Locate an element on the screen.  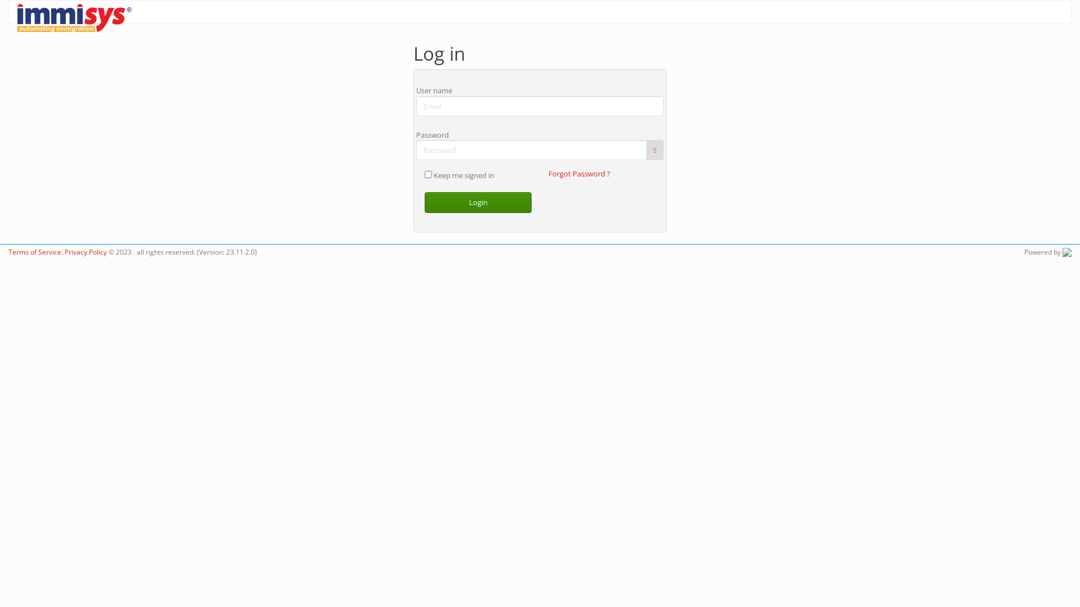
'Forgot Password ?' is located at coordinates (548, 173).